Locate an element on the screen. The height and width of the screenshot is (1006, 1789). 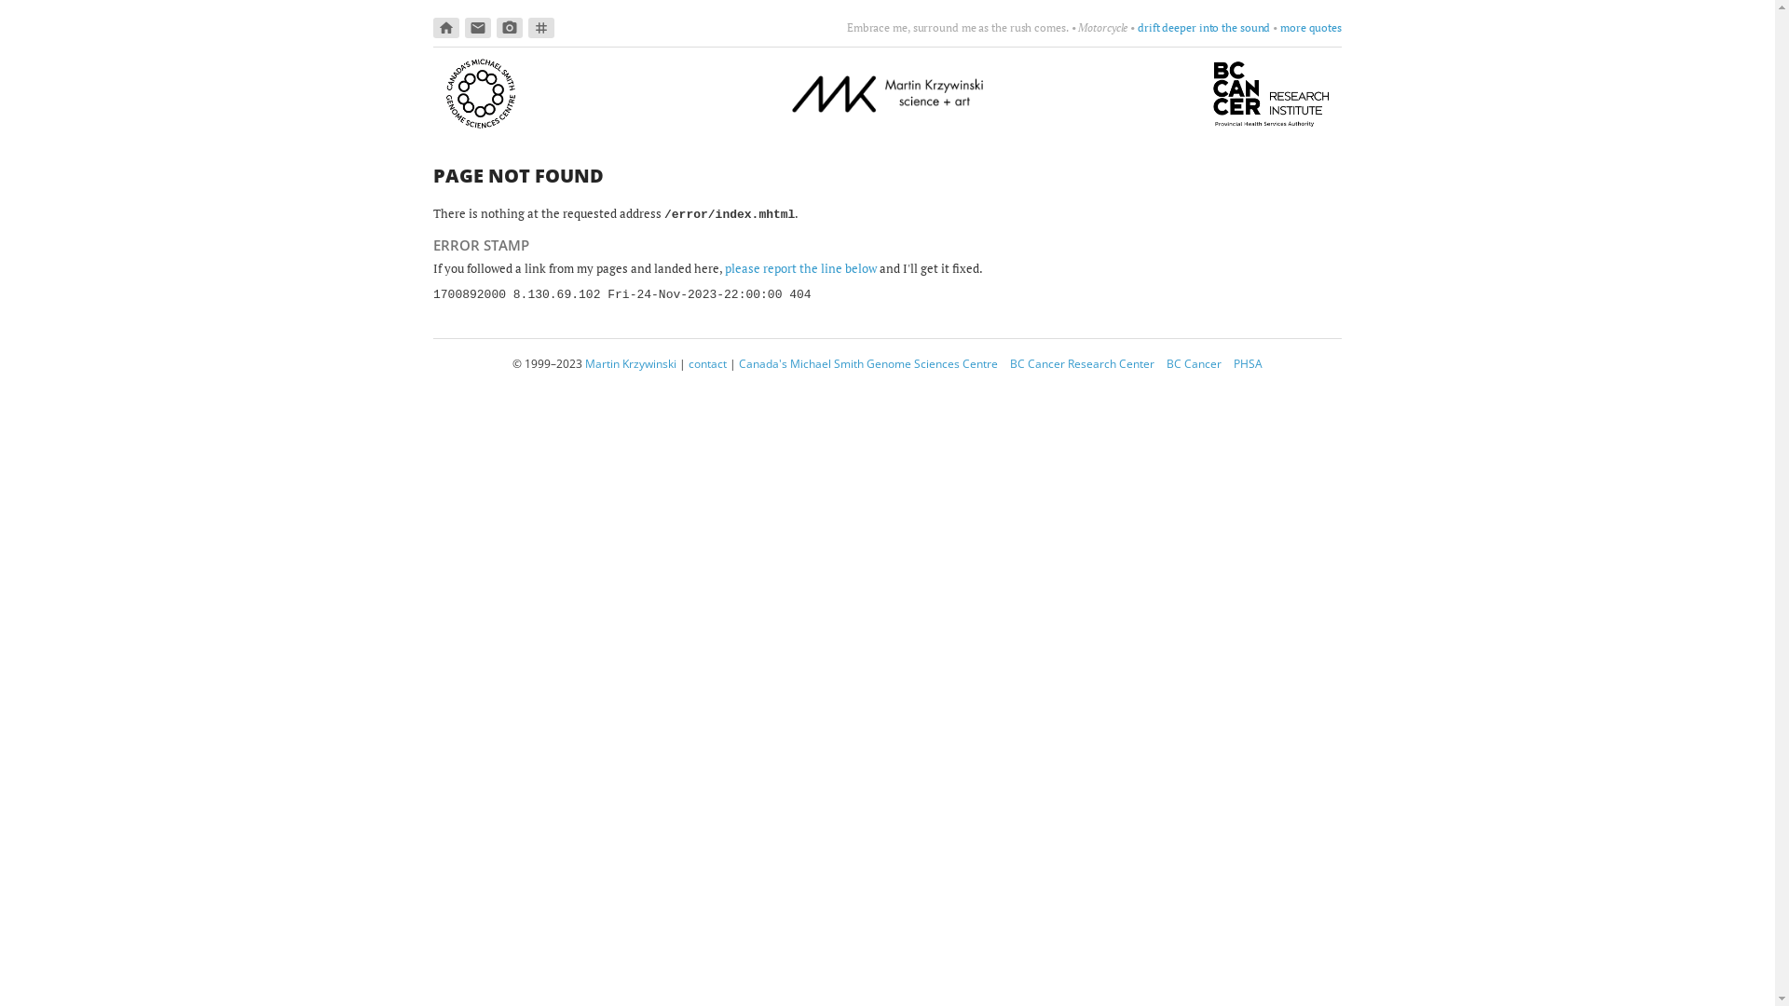
'tag' is located at coordinates (539, 28).